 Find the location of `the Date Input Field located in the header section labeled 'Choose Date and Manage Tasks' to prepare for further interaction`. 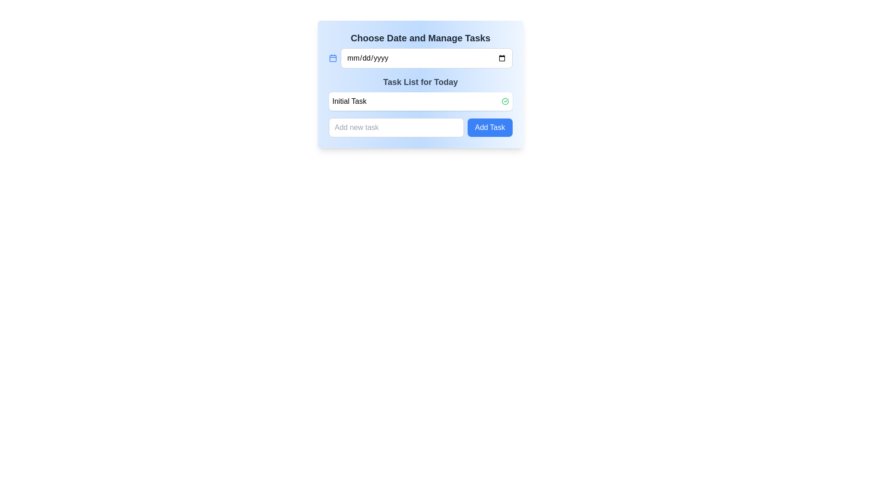

the Date Input Field located in the header section labeled 'Choose Date and Manage Tasks' to prepare for further interaction is located at coordinates (426, 58).